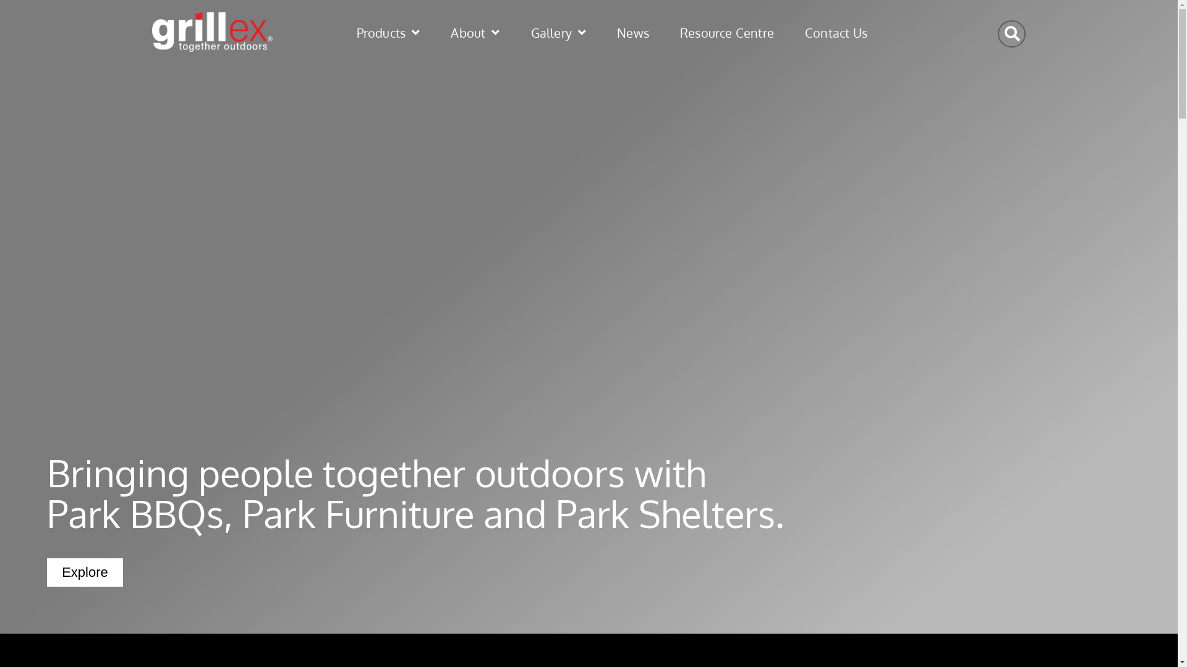 The image size is (1187, 667). I want to click on 'News', so click(617, 32).